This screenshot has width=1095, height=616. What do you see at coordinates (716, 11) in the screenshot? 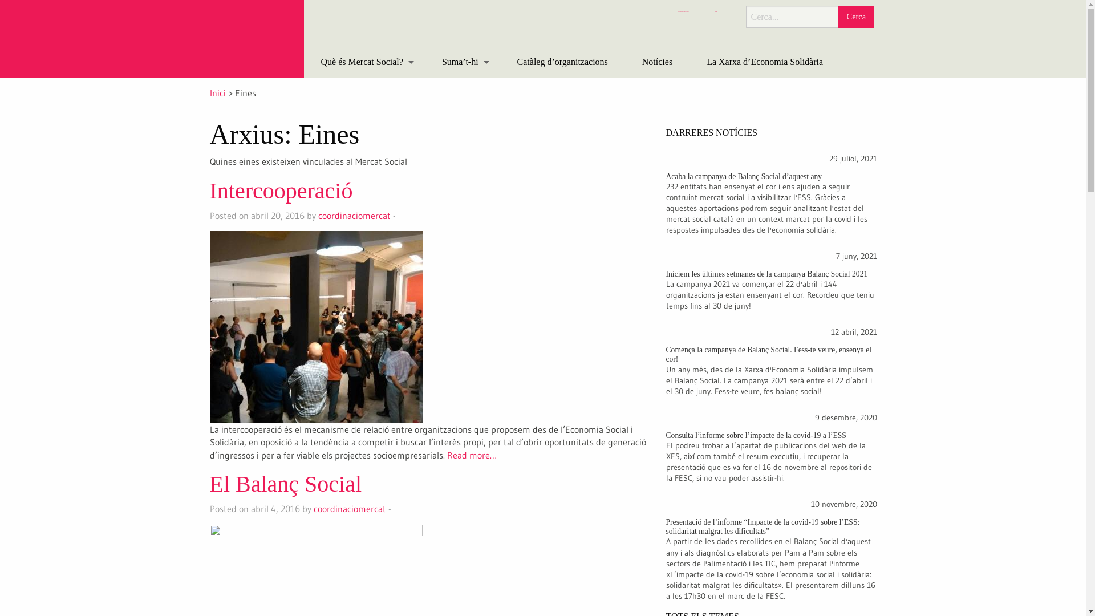
I see `'Contacte'` at bounding box center [716, 11].